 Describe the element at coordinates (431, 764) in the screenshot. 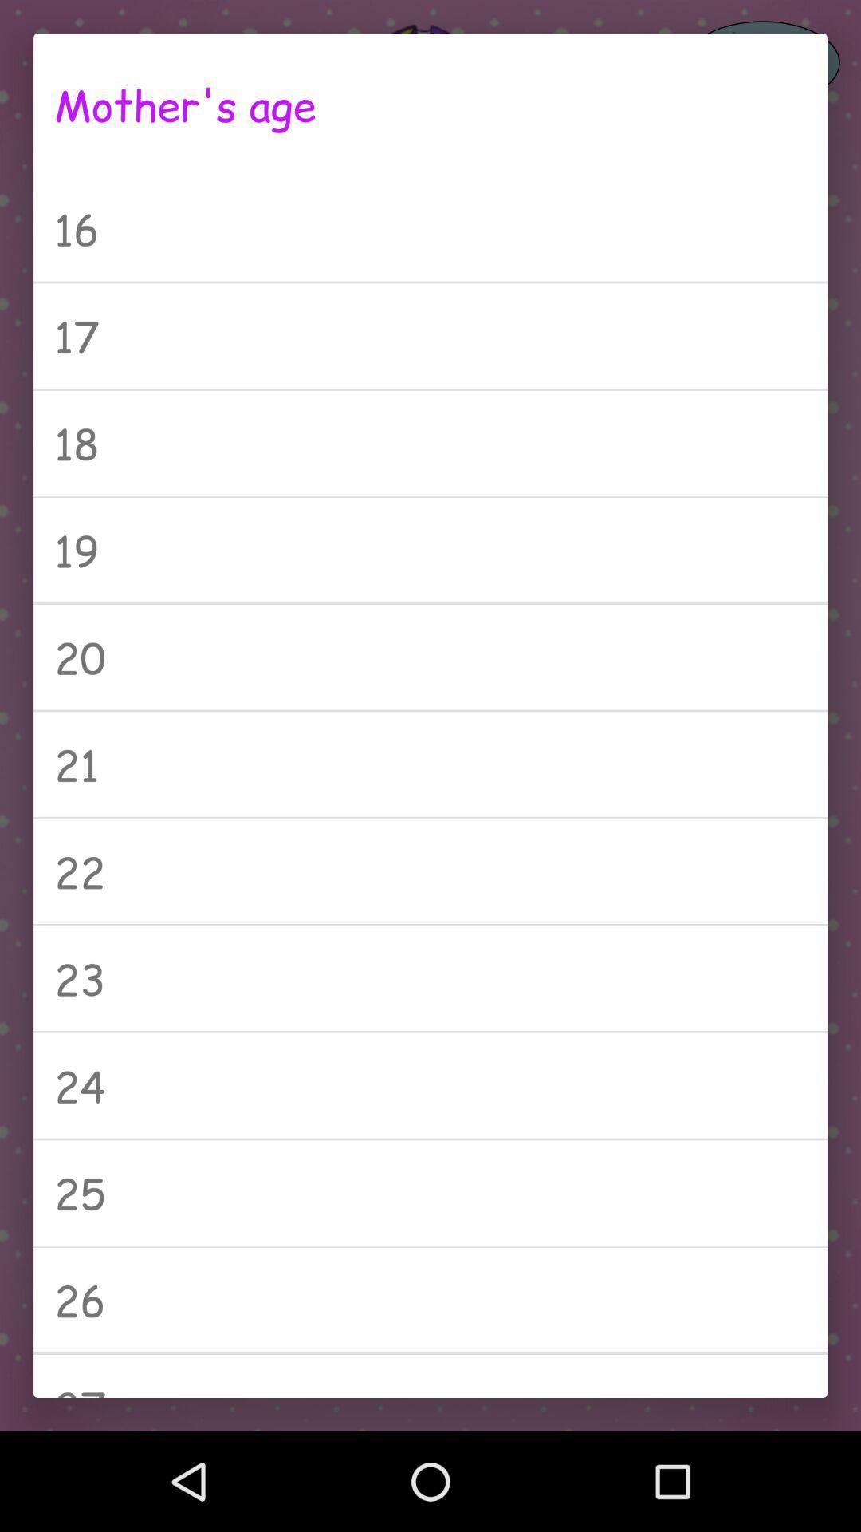

I see `the 21 icon` at that location.